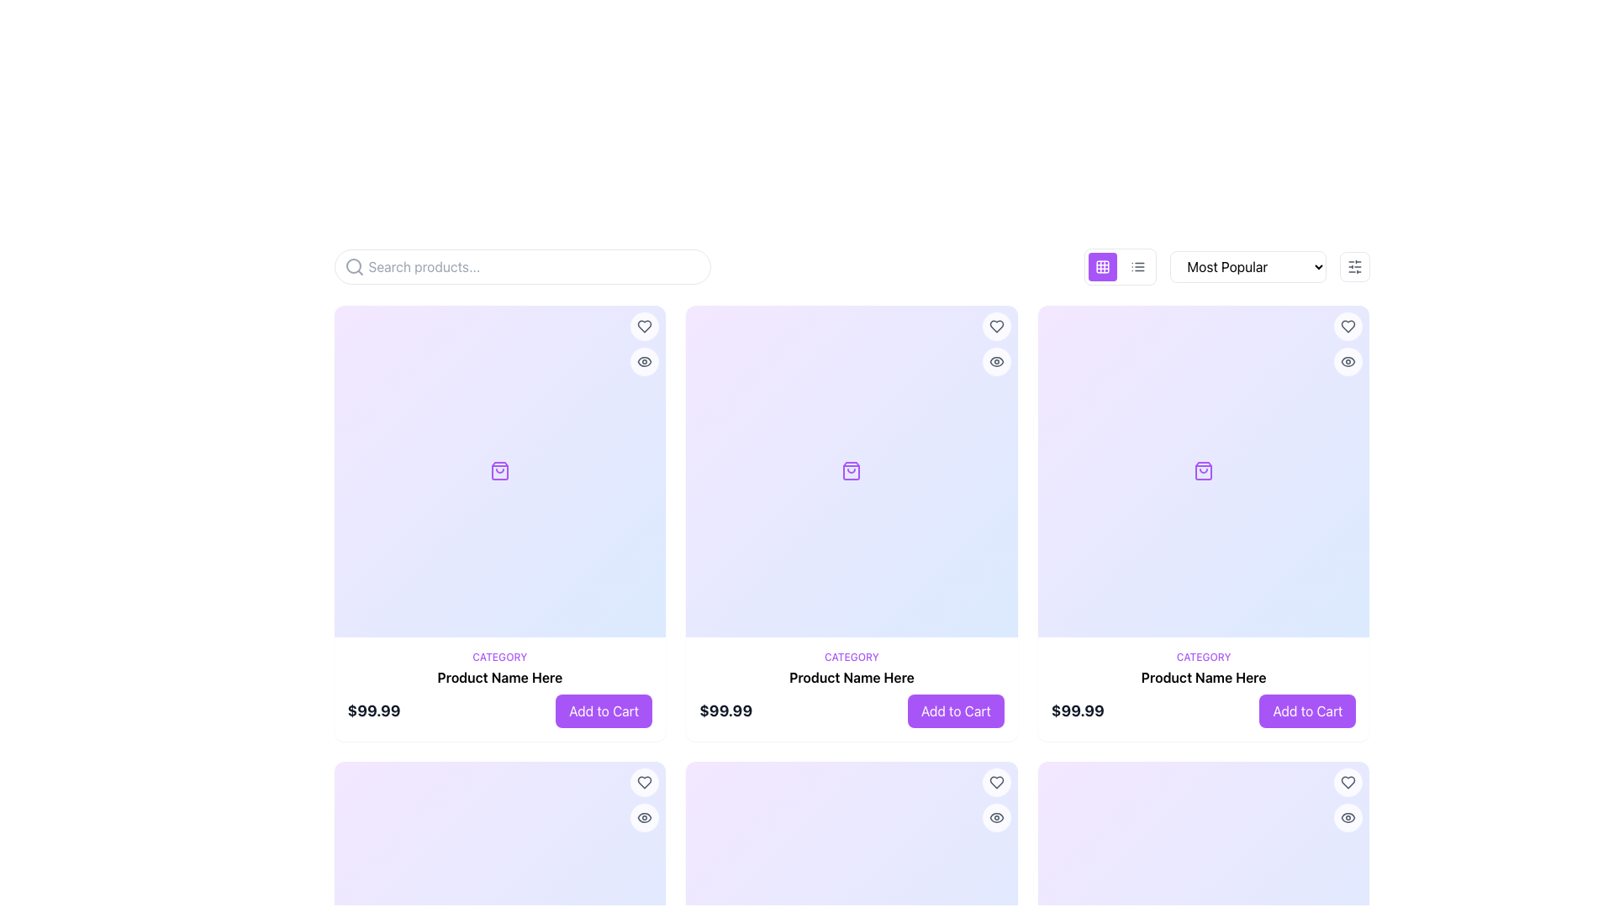 The image size is (1614, 907). I want to click on the heart-shaped icon in the upper-right corner of the product card to mark it as a favorite, so click(1348, 782).